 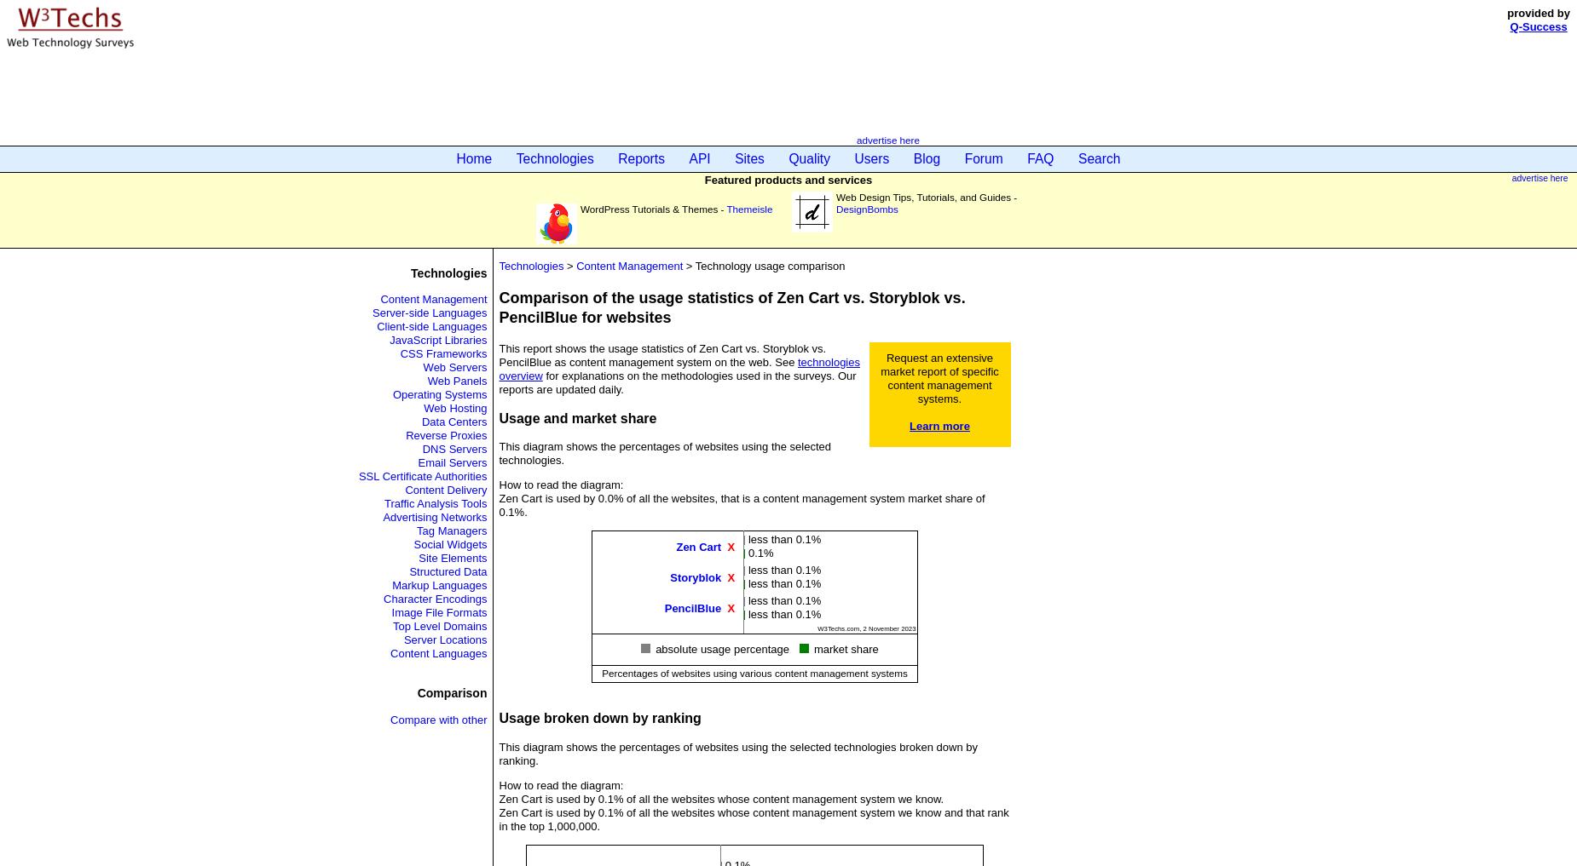 What do you see at coordinates (446, 435) in the screenshot?
I see `'Reverse Proxies'` at bounding box center [446, 435].